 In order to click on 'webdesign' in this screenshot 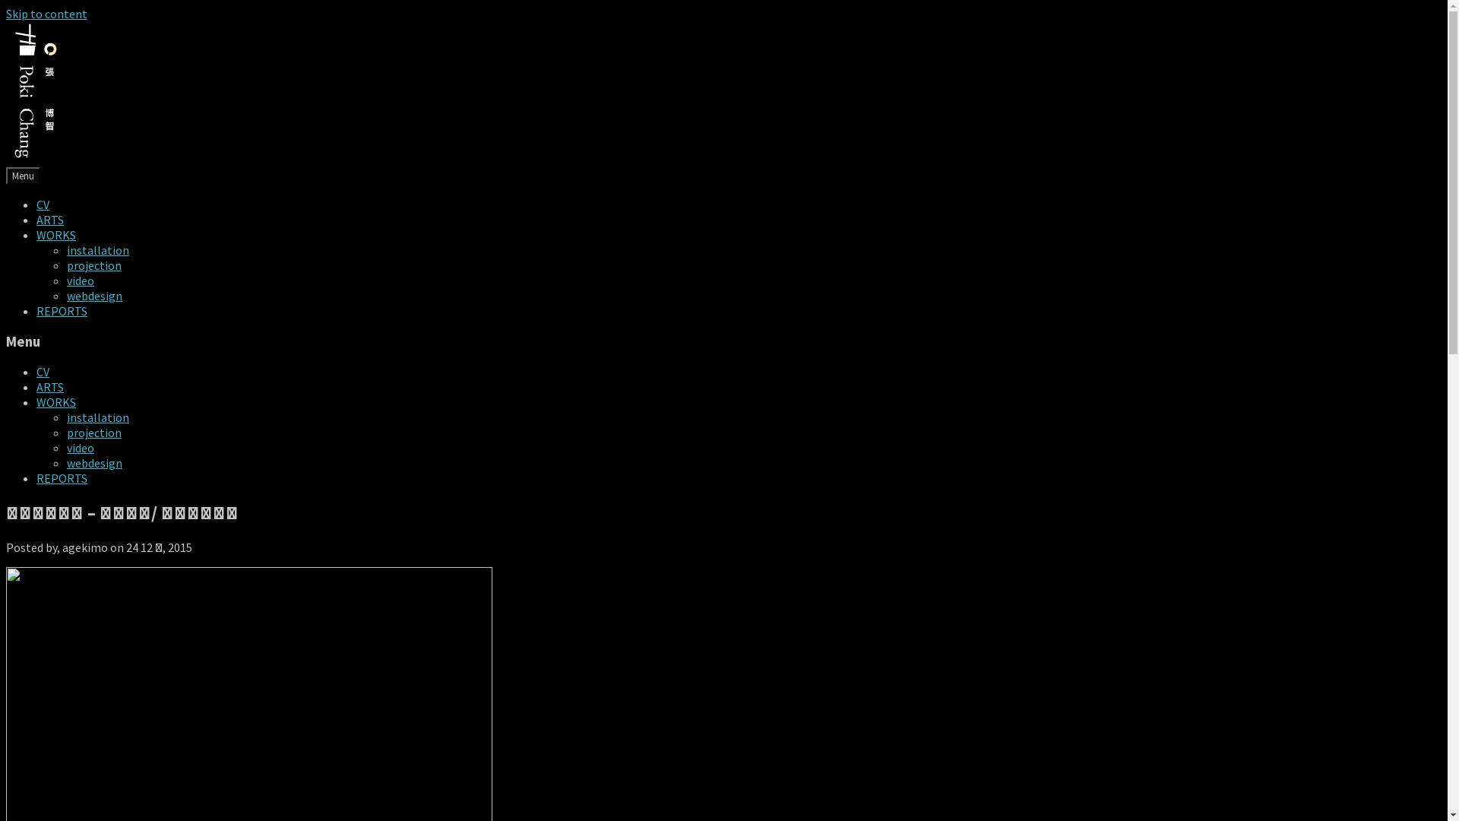, I will do `click(93, 296)`.